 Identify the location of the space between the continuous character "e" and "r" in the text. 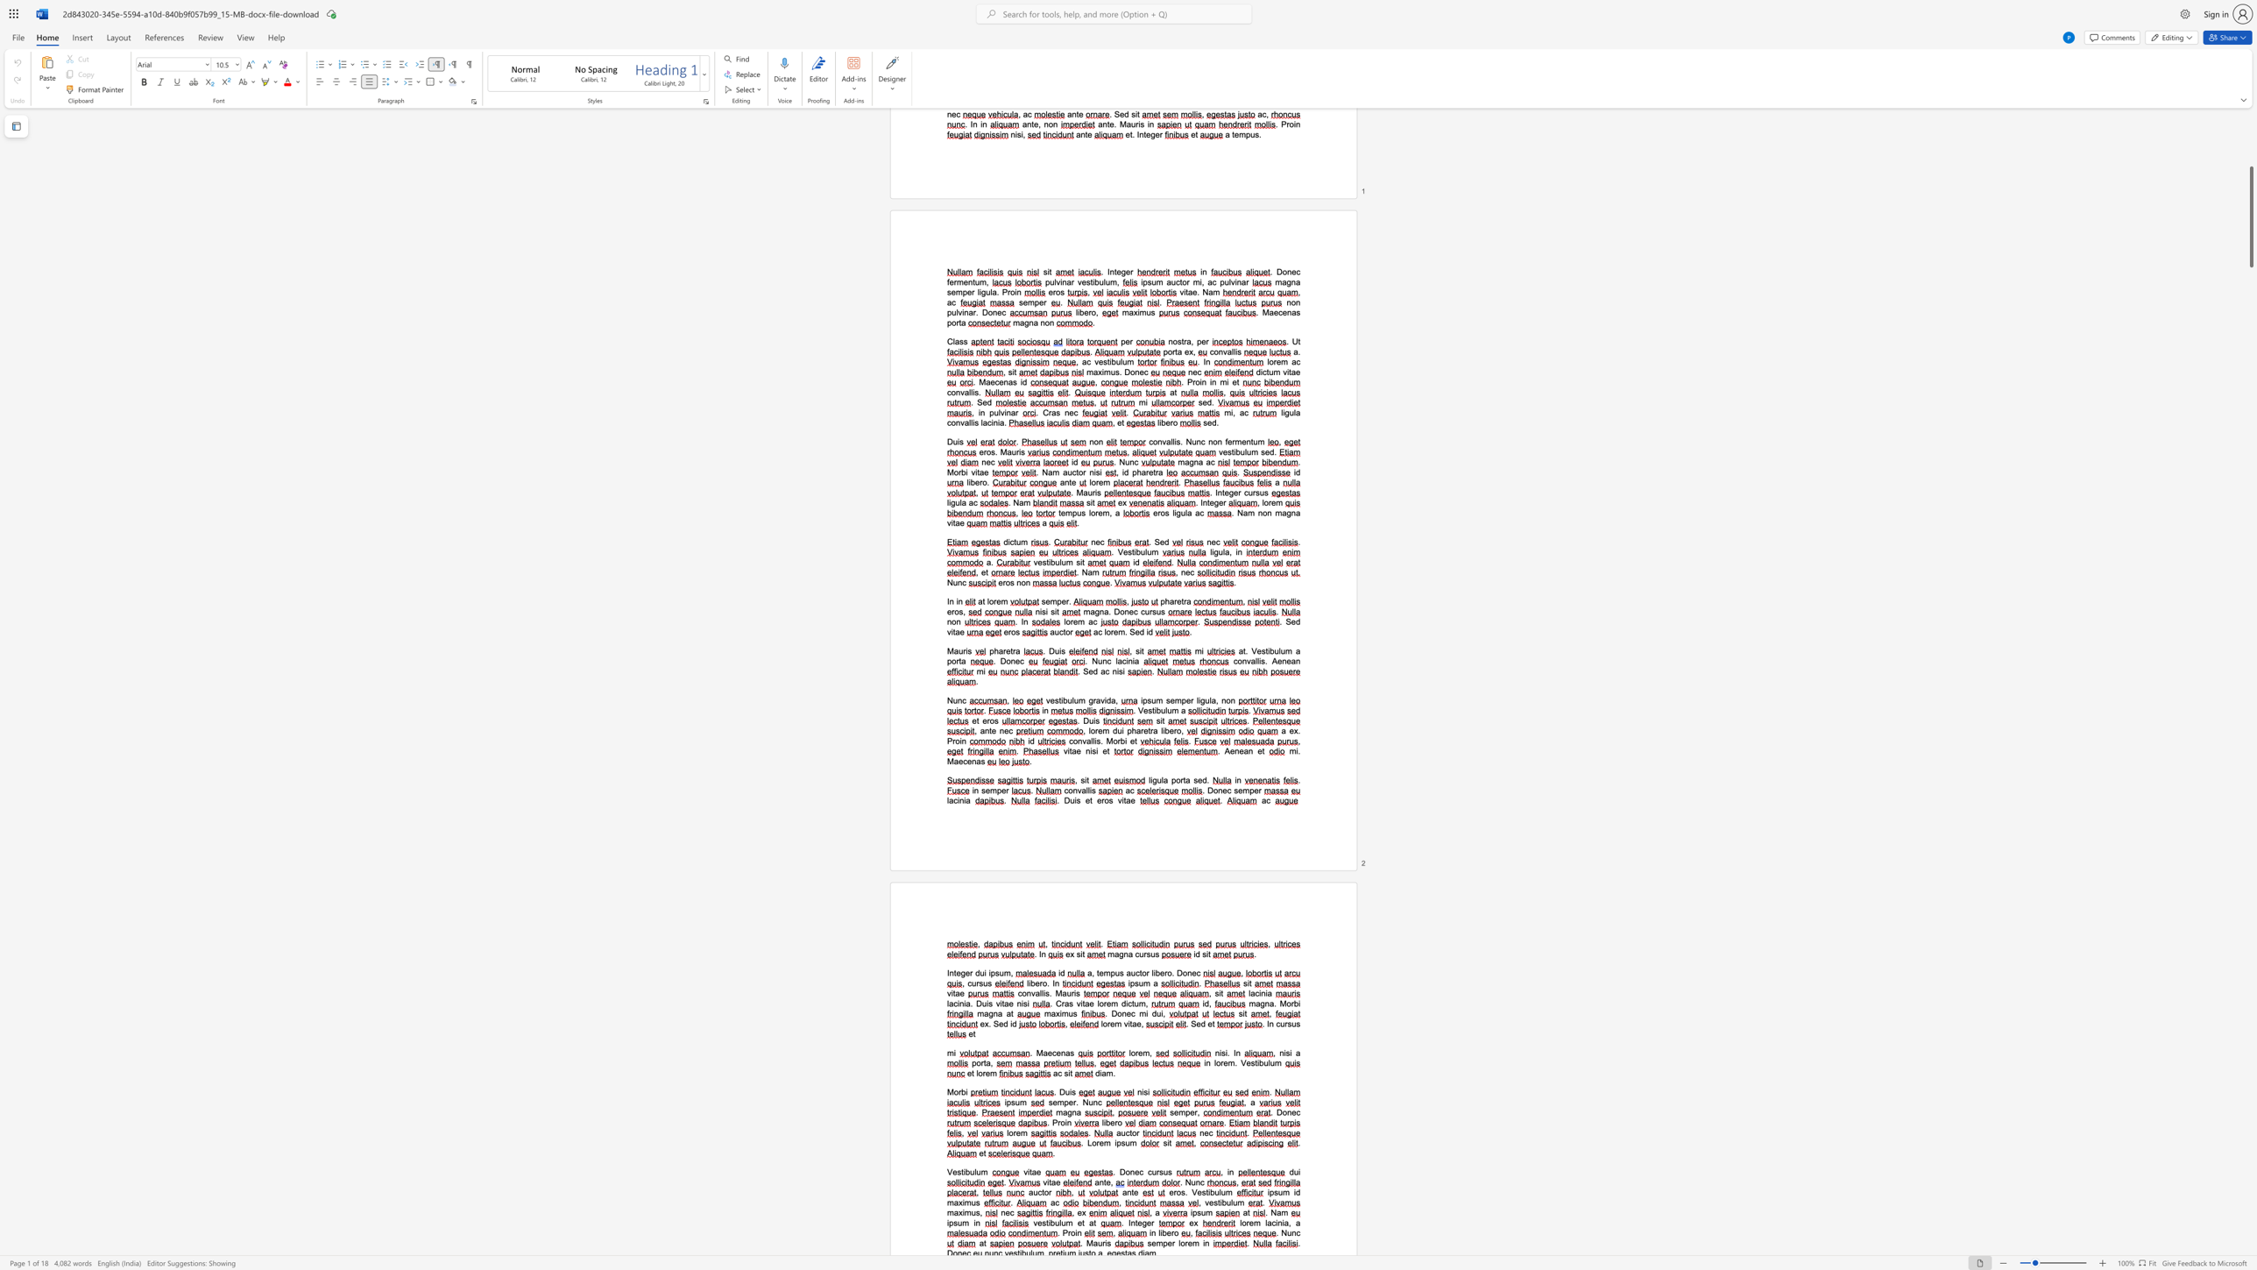
(1150, 1223).